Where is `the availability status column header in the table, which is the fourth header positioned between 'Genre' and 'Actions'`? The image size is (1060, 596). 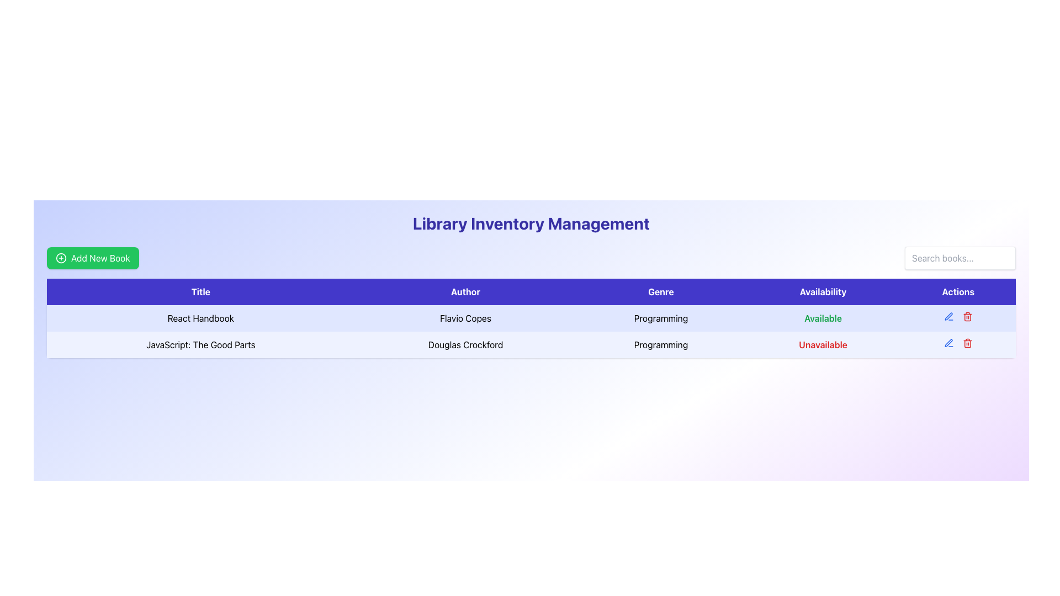 the availability status column header in the table, which is the fourth header positioned between 'Genre' and 'Actions' is located at coordinates (823, 291).